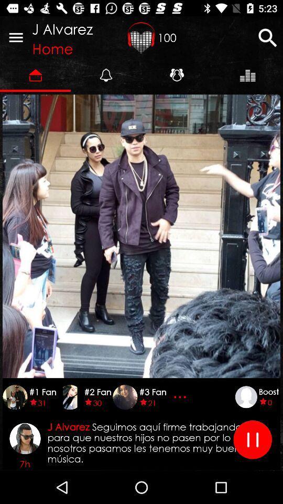 The image size is (283, 504). Describe the element at coordinates (267, 37) in the screenshot. I see `the icon to the right of 100` at that location.